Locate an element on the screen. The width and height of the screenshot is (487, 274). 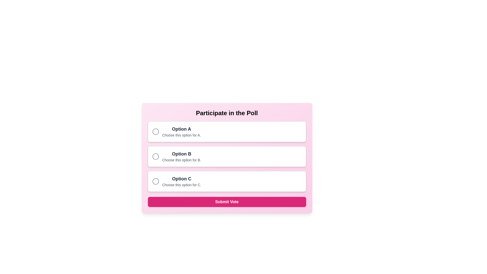
the prominent rectangular button with a bright pink background and white text that reads 'Submit Vote' is located at coordinates (227, 201).